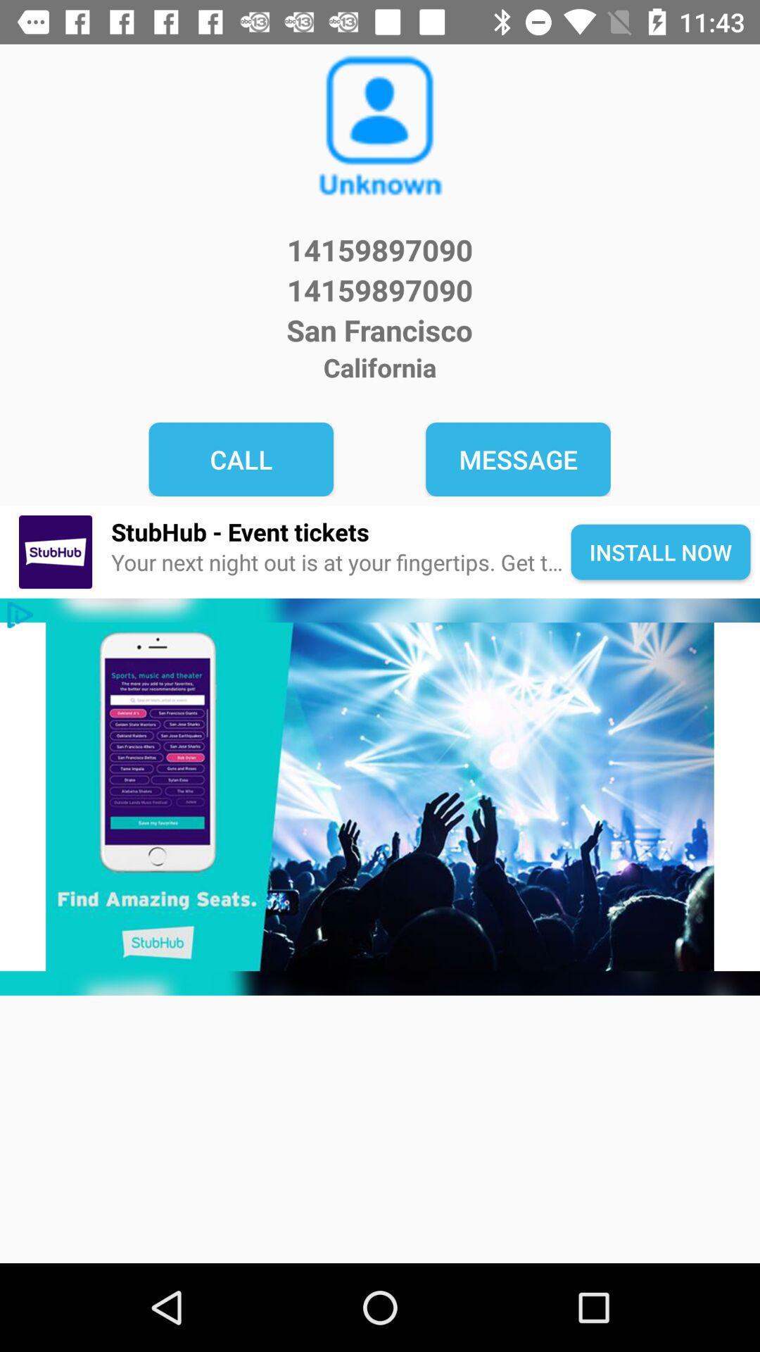  Describe the element at coordinates (518, 459) in the screenshot. I see `message item` at that location.